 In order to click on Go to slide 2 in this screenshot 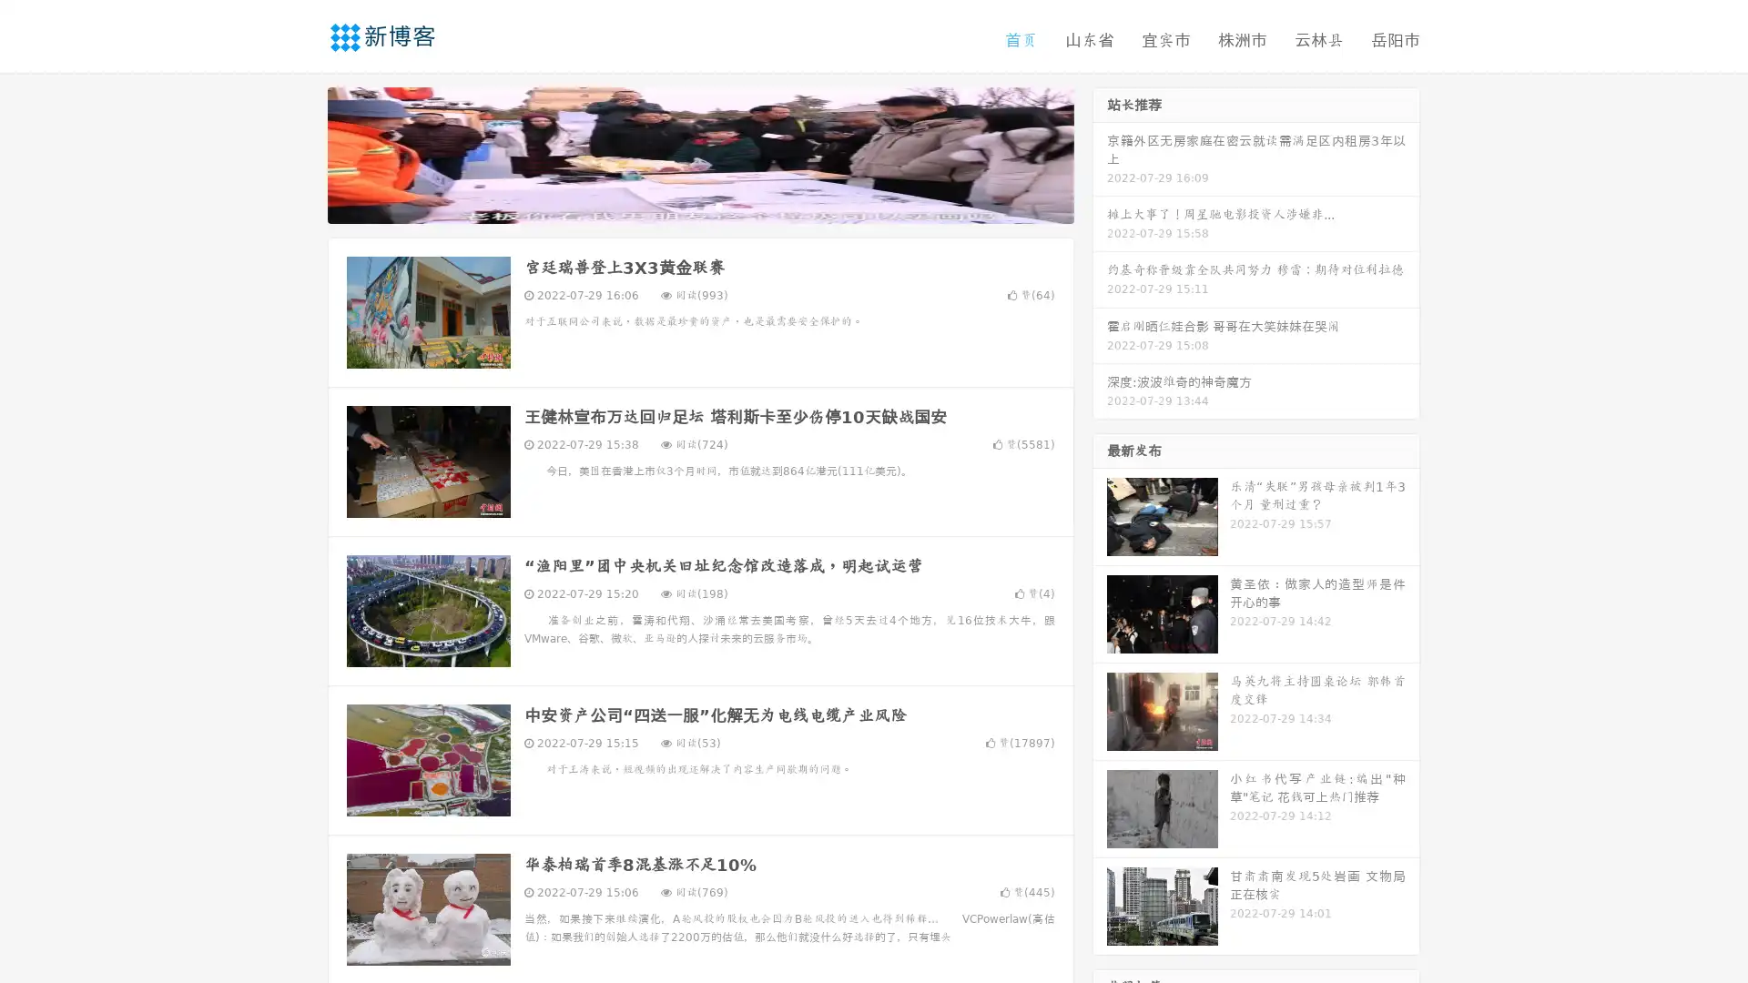, I will do `click(699, 205)`.